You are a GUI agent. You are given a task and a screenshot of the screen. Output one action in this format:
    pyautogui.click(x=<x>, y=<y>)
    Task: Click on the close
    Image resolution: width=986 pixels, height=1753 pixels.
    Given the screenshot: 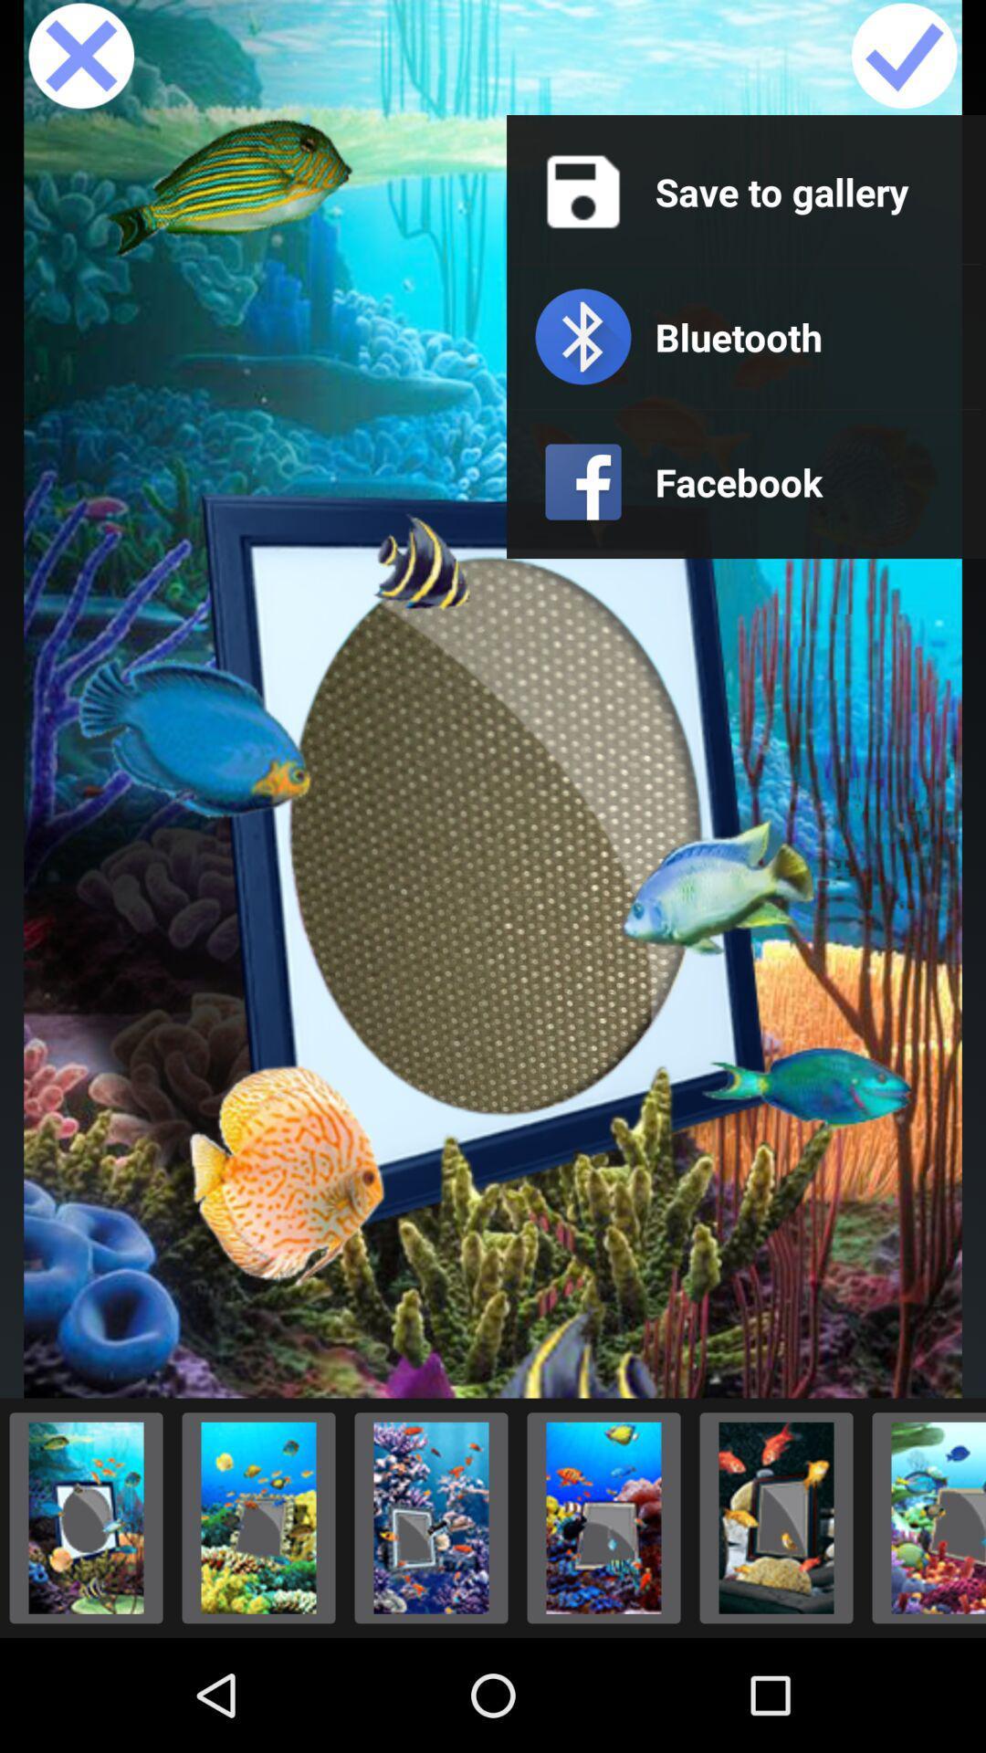 What is the action you would take?
    pyautogui.click(x=80, y=57)
    